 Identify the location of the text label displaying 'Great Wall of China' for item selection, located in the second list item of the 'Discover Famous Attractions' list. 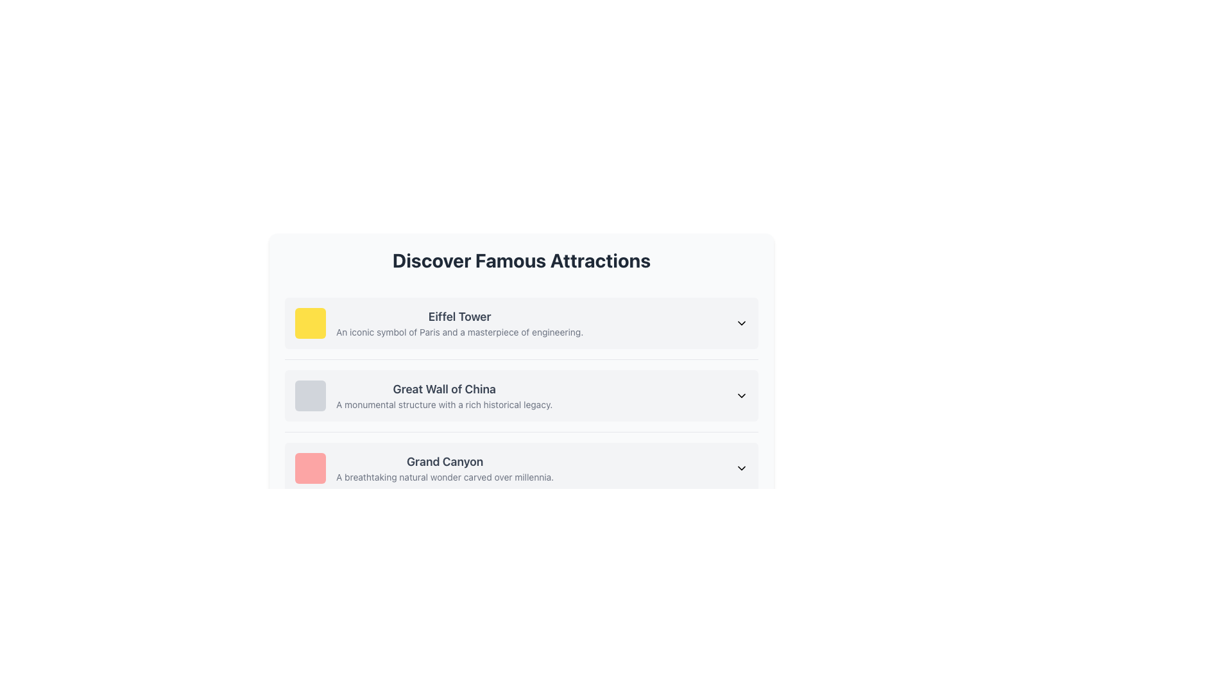
(444, 388).